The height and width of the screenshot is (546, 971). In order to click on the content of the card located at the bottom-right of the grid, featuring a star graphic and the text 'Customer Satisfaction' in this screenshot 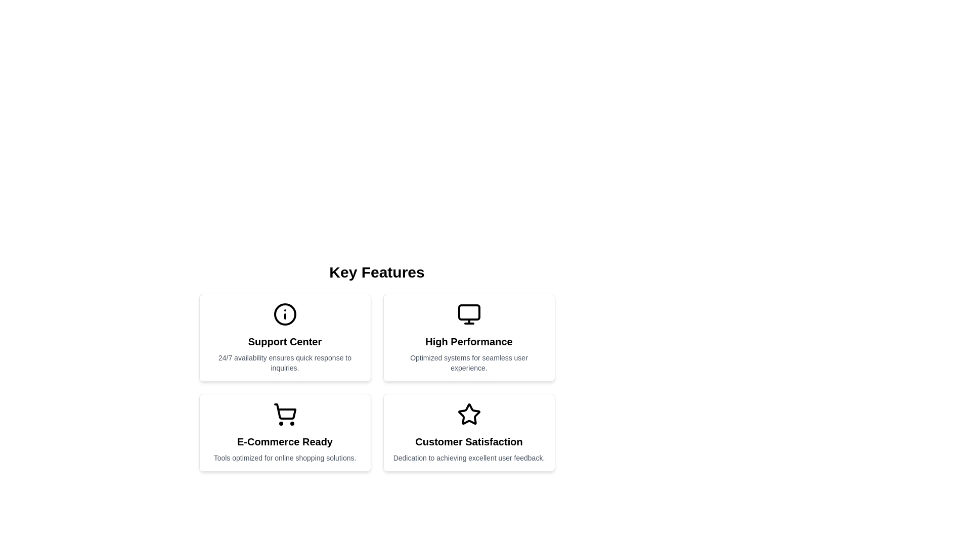, I will do `click(468, 432)`.